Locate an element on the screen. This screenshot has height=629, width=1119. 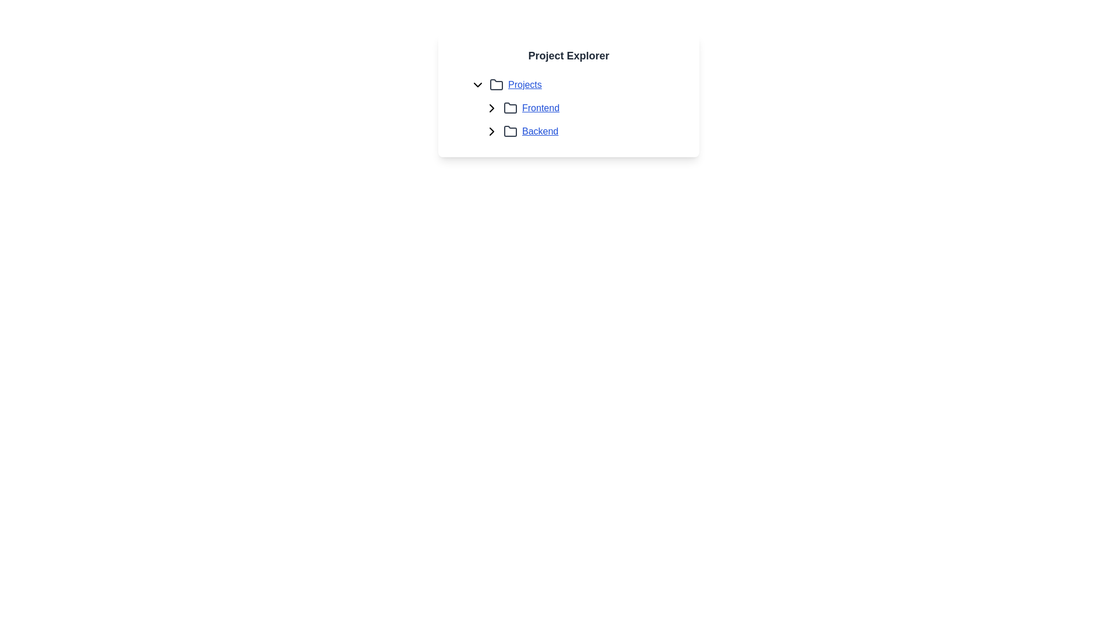
the 'Backend' link is located at coordinates (582, 131).